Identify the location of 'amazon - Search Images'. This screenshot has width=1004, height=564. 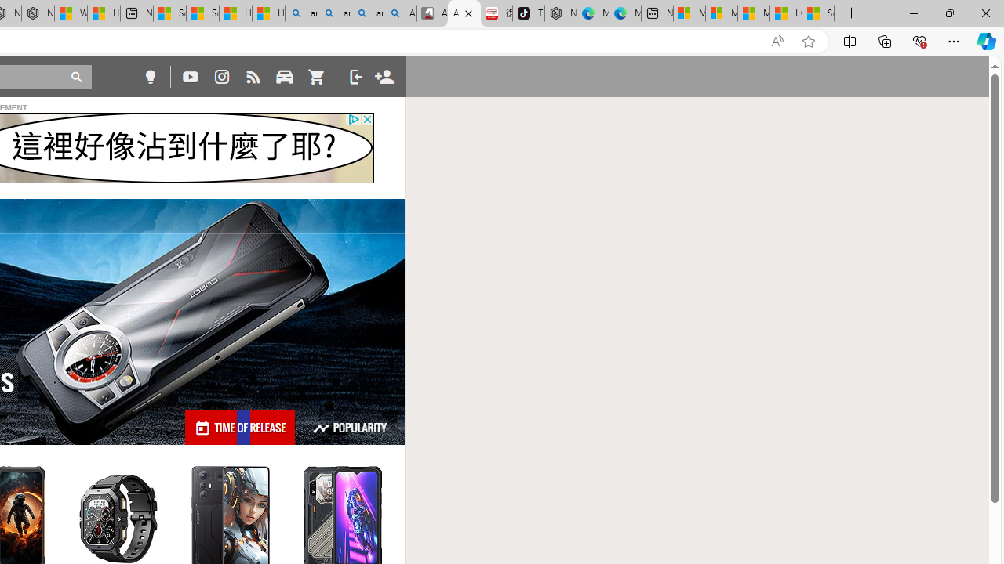
(366, 13).